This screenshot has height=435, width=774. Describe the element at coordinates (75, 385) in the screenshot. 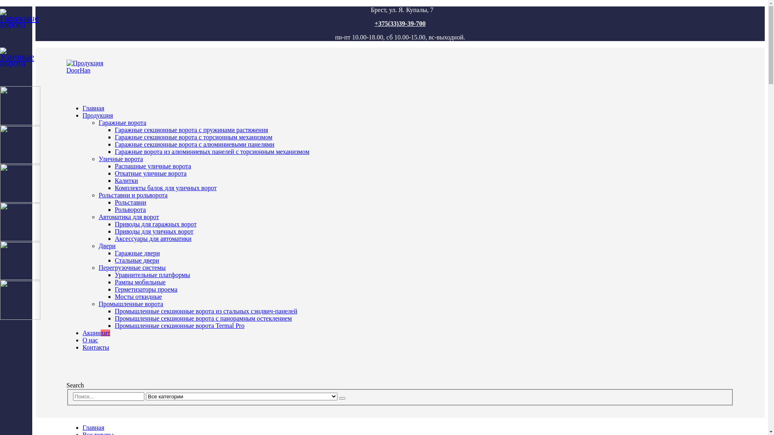

I see `'Search'` at that location.